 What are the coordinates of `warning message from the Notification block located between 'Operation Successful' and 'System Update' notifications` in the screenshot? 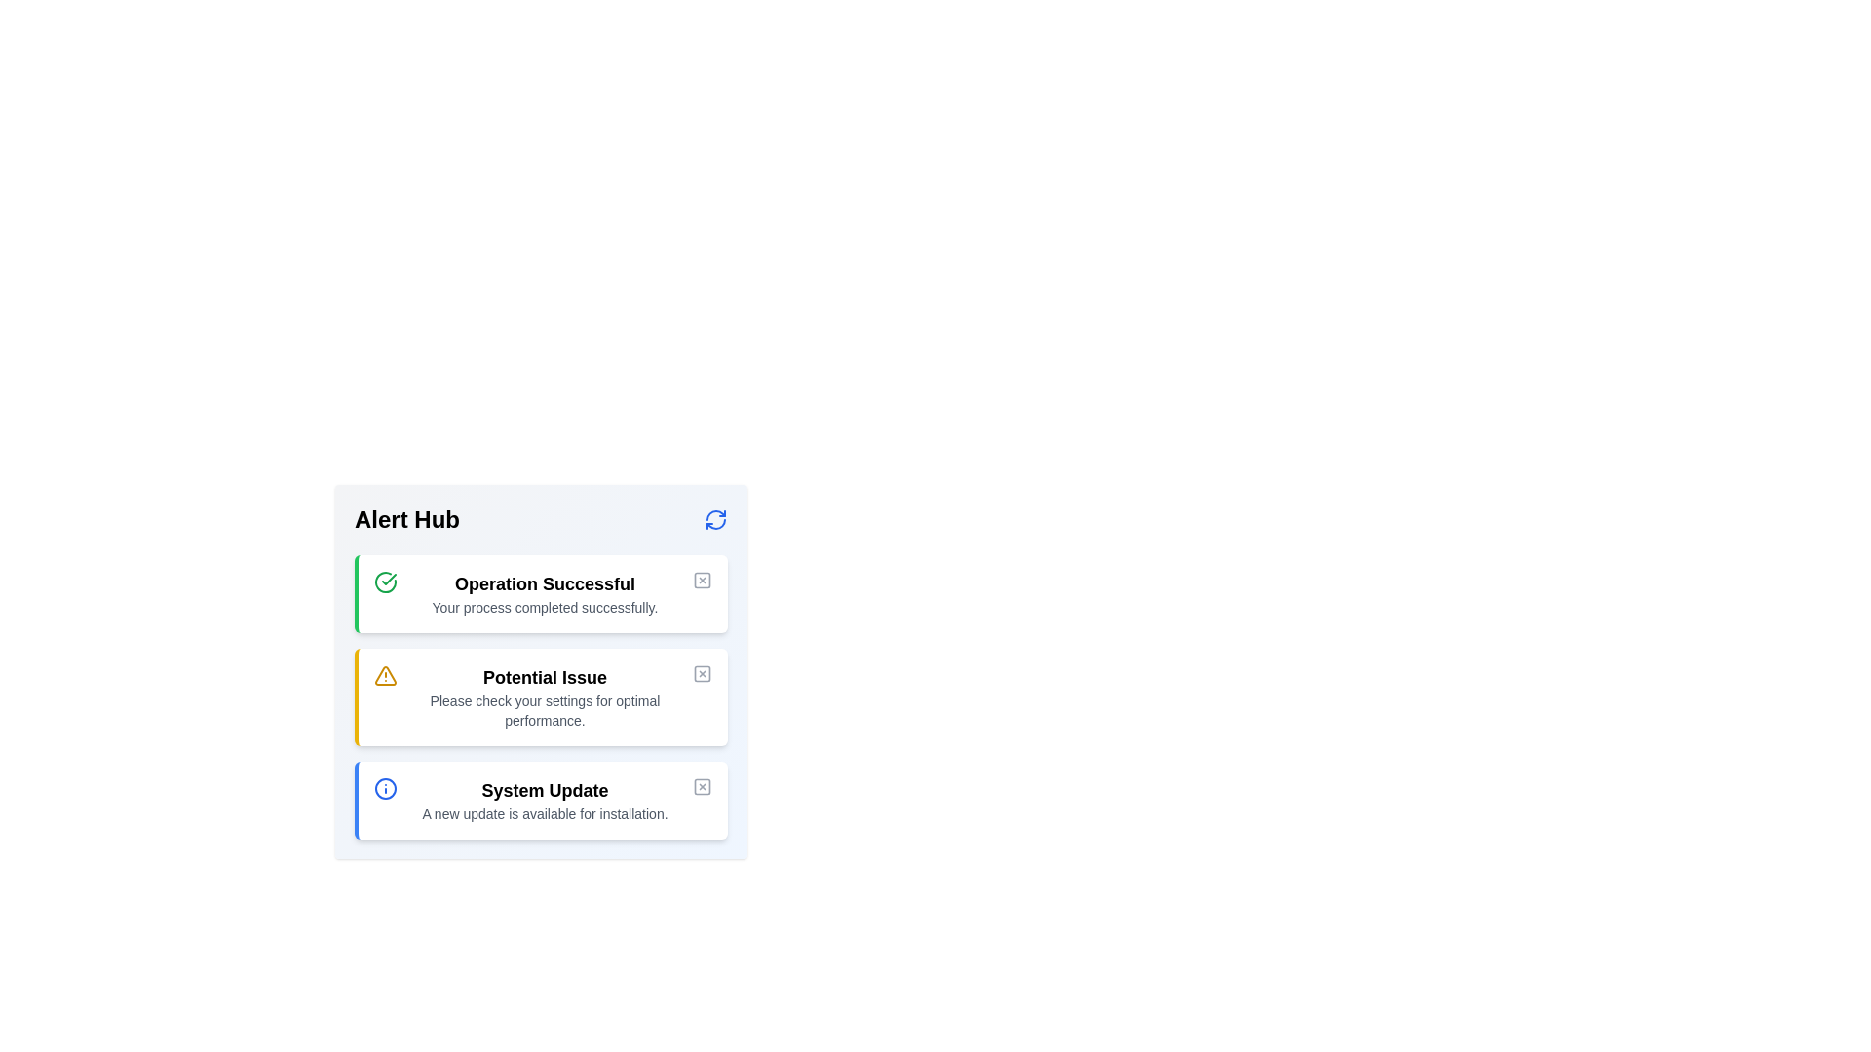 It's located at (541, 696).